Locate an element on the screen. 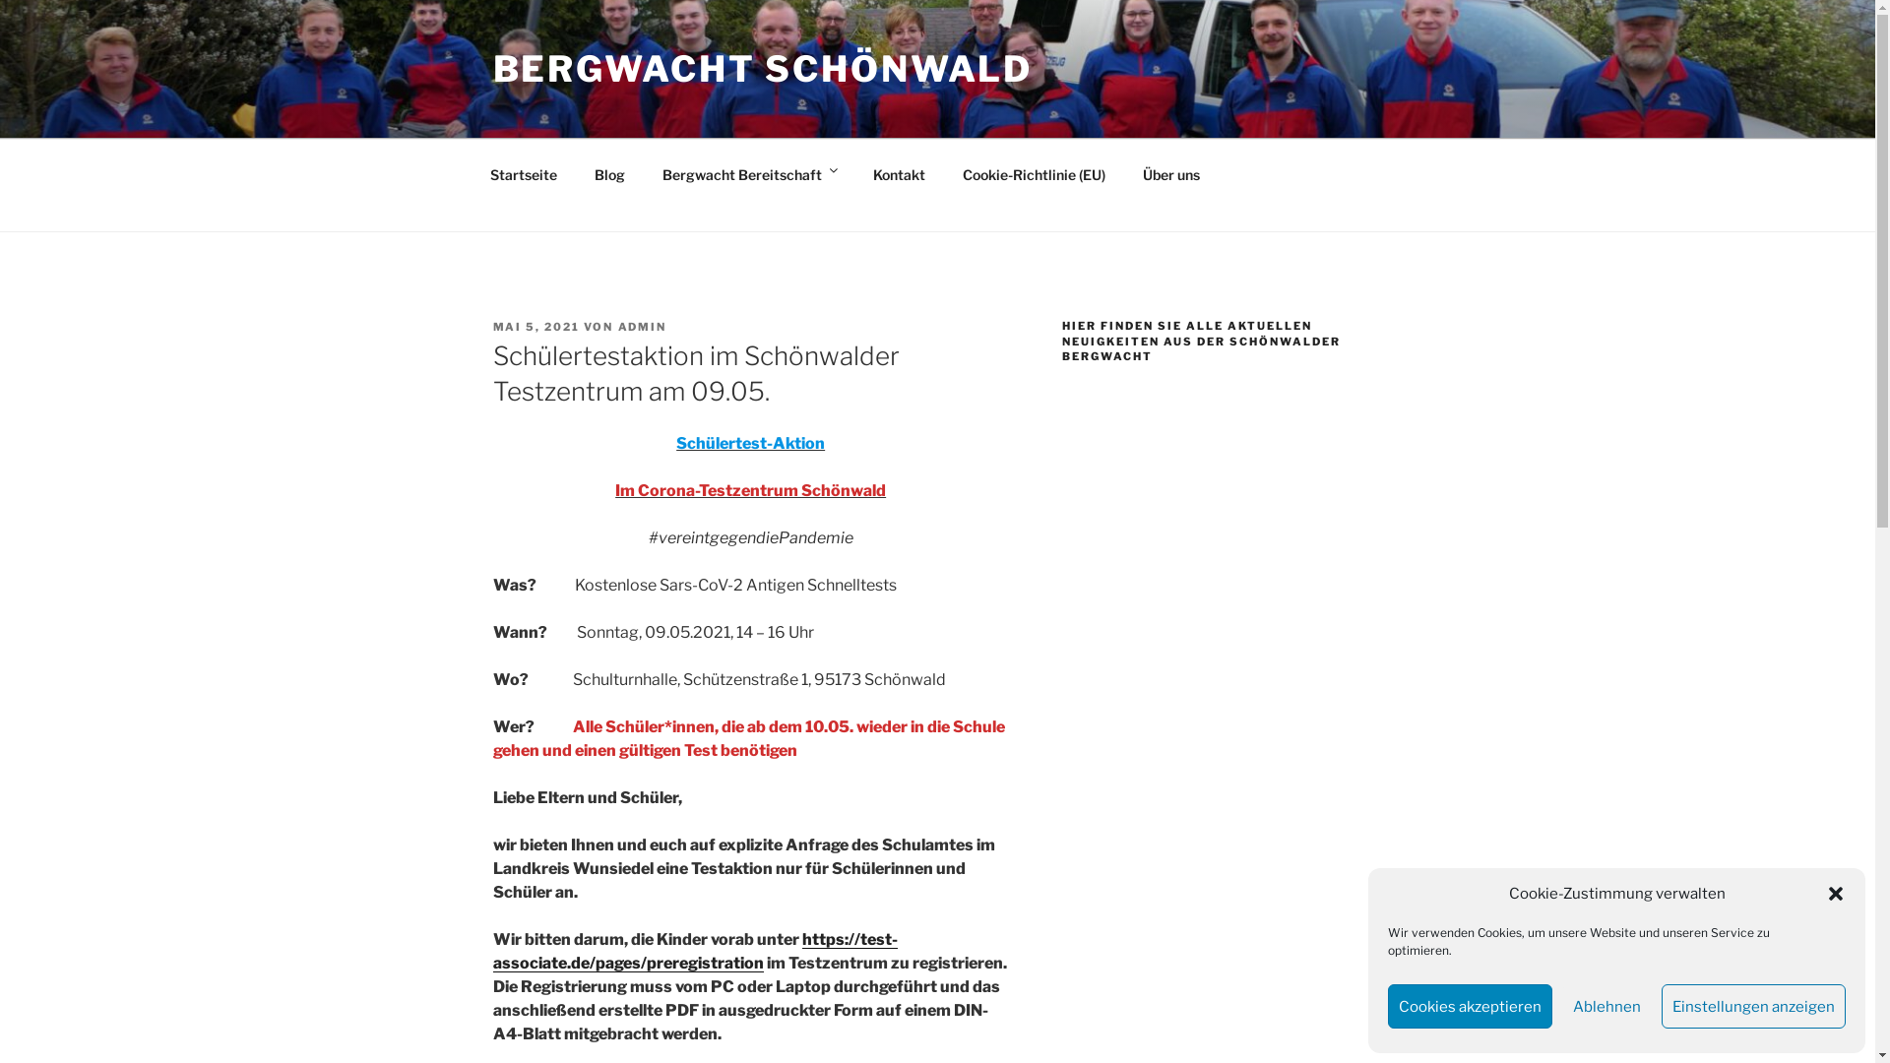 This screenshot has width=1890, height=1063. 'MAI 5, 2021' is located at coordinates (535, 325).